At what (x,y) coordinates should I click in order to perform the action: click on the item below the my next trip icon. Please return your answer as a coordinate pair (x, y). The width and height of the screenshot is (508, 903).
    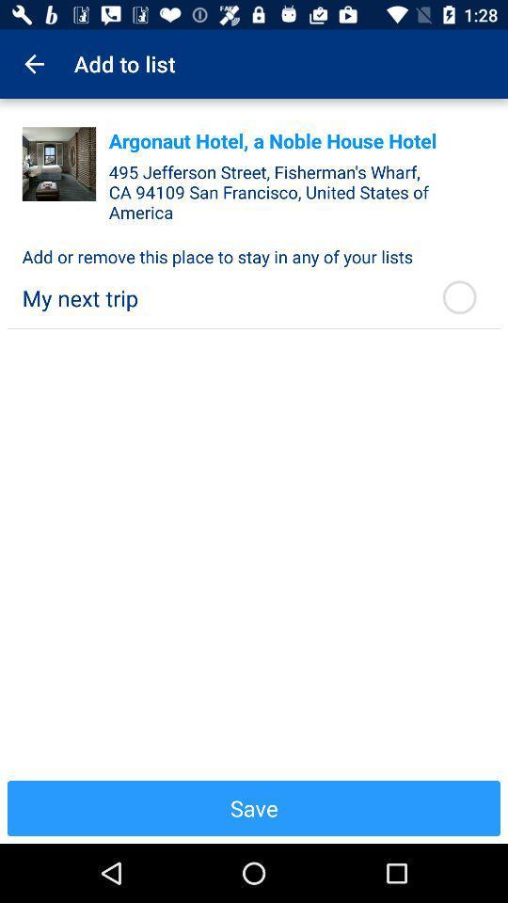
    Looking at the image, I should click on (254, 807).